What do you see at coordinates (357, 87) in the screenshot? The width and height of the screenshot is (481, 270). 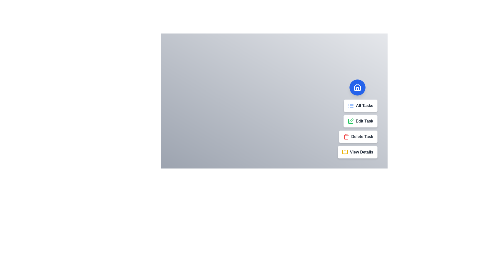 I see `the speed dial button to toggle the menu visibility` at bounding box center [357, 87].